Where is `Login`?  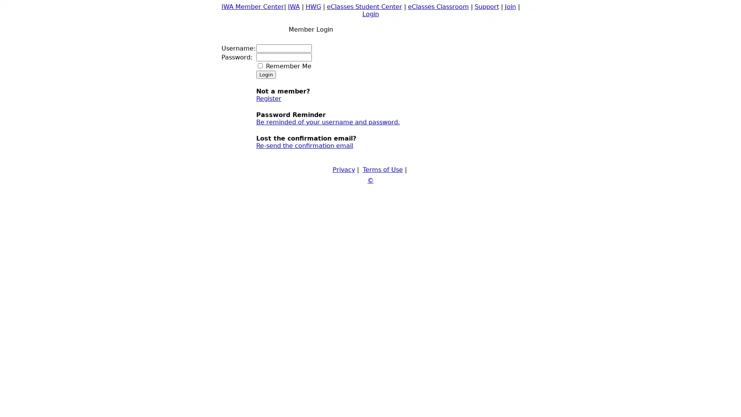
Login is located at coordinates (266, 75).